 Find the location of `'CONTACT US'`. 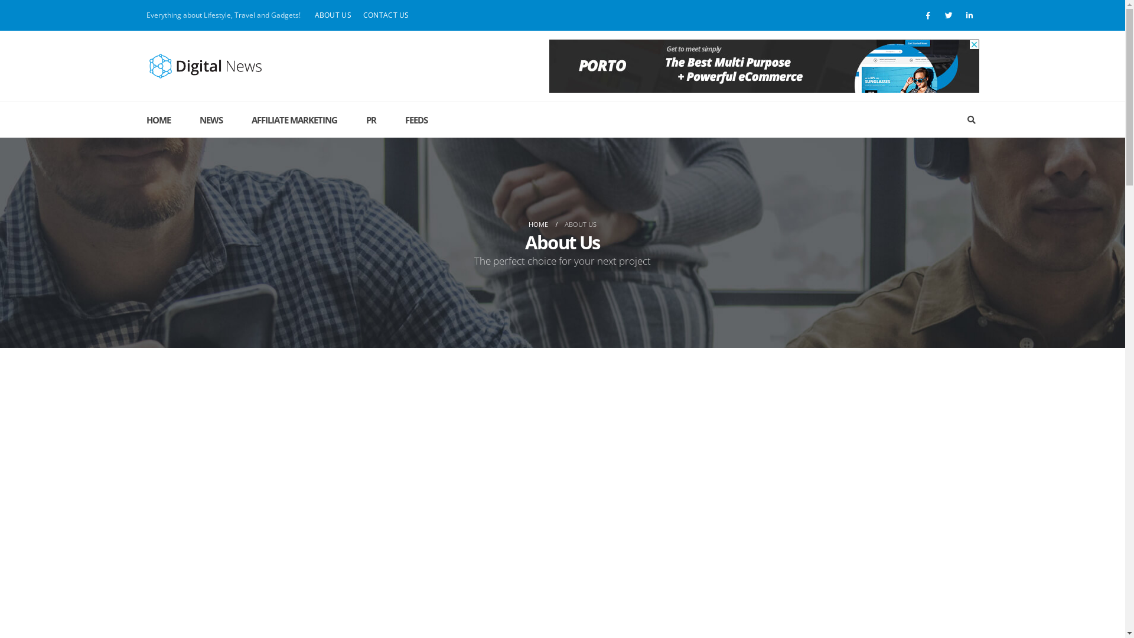

'CONTACT US' is located at coordinates (386, 15).